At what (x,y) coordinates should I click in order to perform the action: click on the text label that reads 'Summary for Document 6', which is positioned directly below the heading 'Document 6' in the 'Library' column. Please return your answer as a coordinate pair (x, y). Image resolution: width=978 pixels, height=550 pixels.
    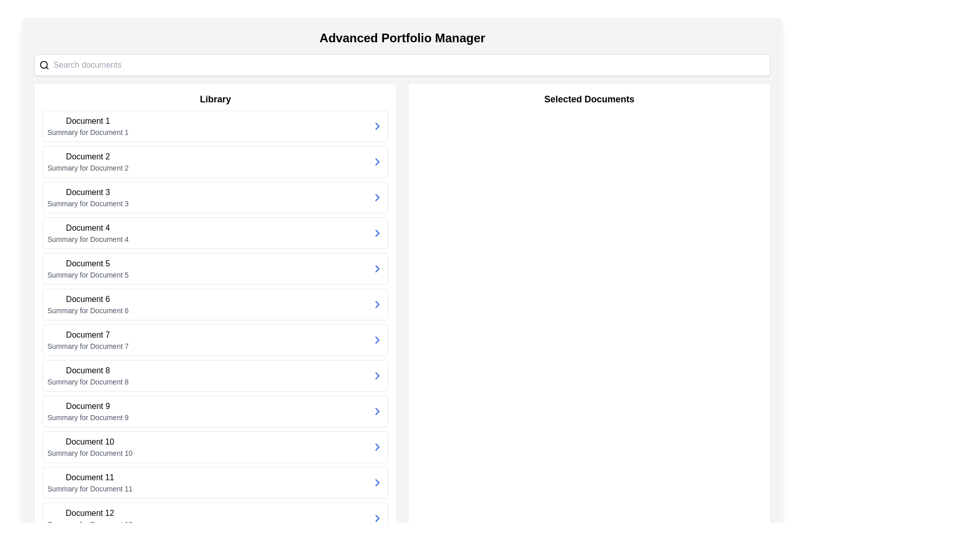
    Looking at the image, I should click on (88, 310).